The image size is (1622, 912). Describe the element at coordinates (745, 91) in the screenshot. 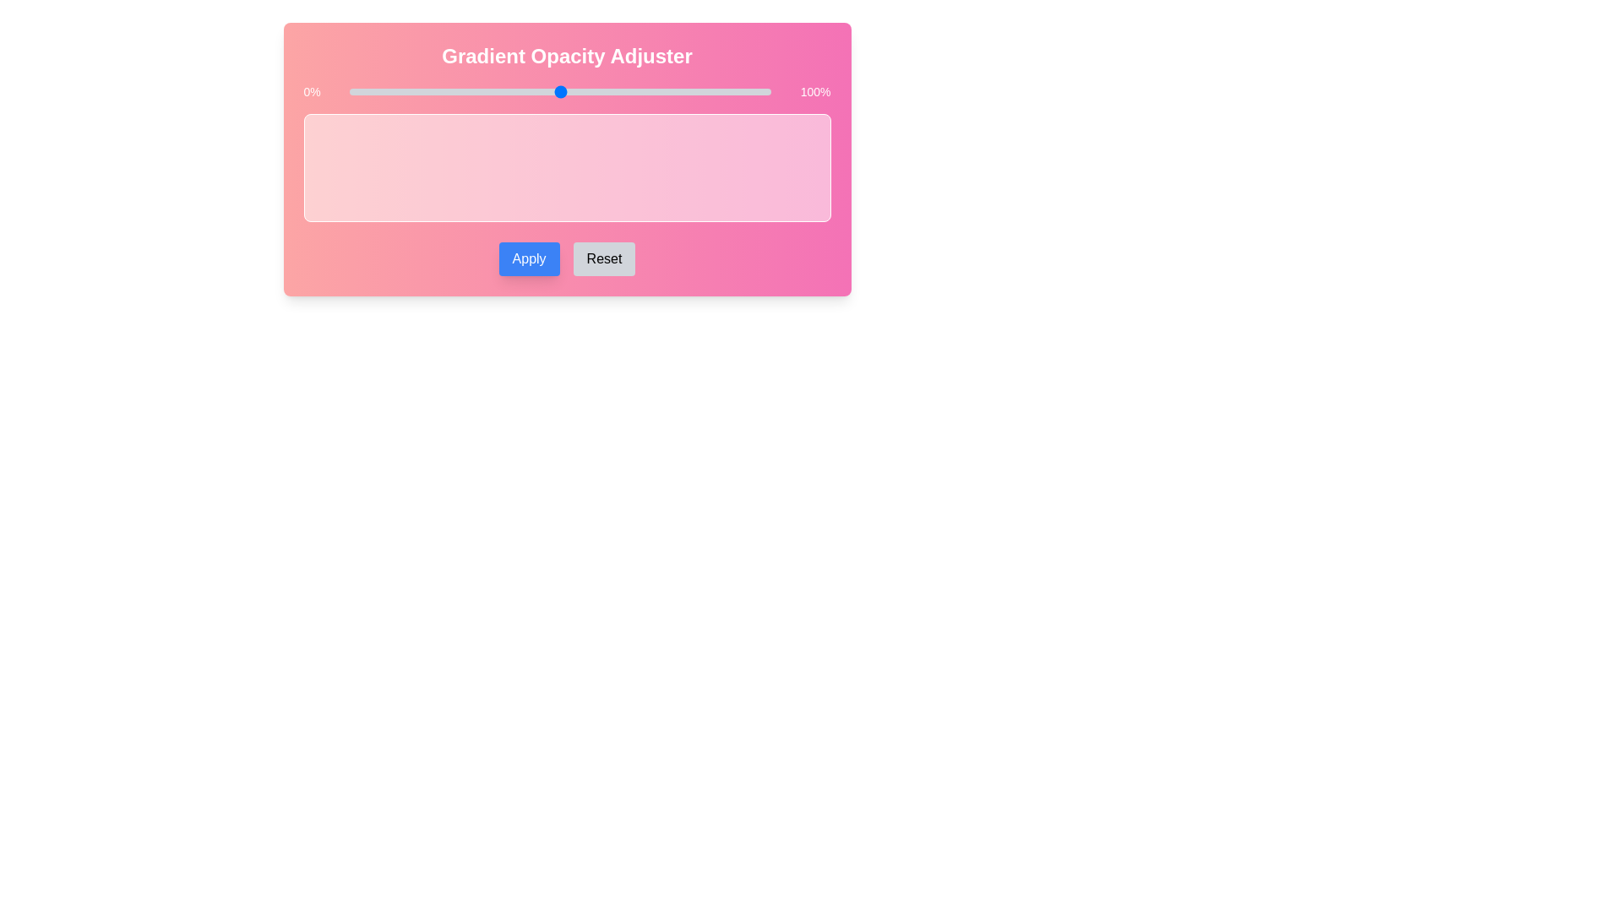

I see `the slider to set the gradient opacity to 94%` at that location.